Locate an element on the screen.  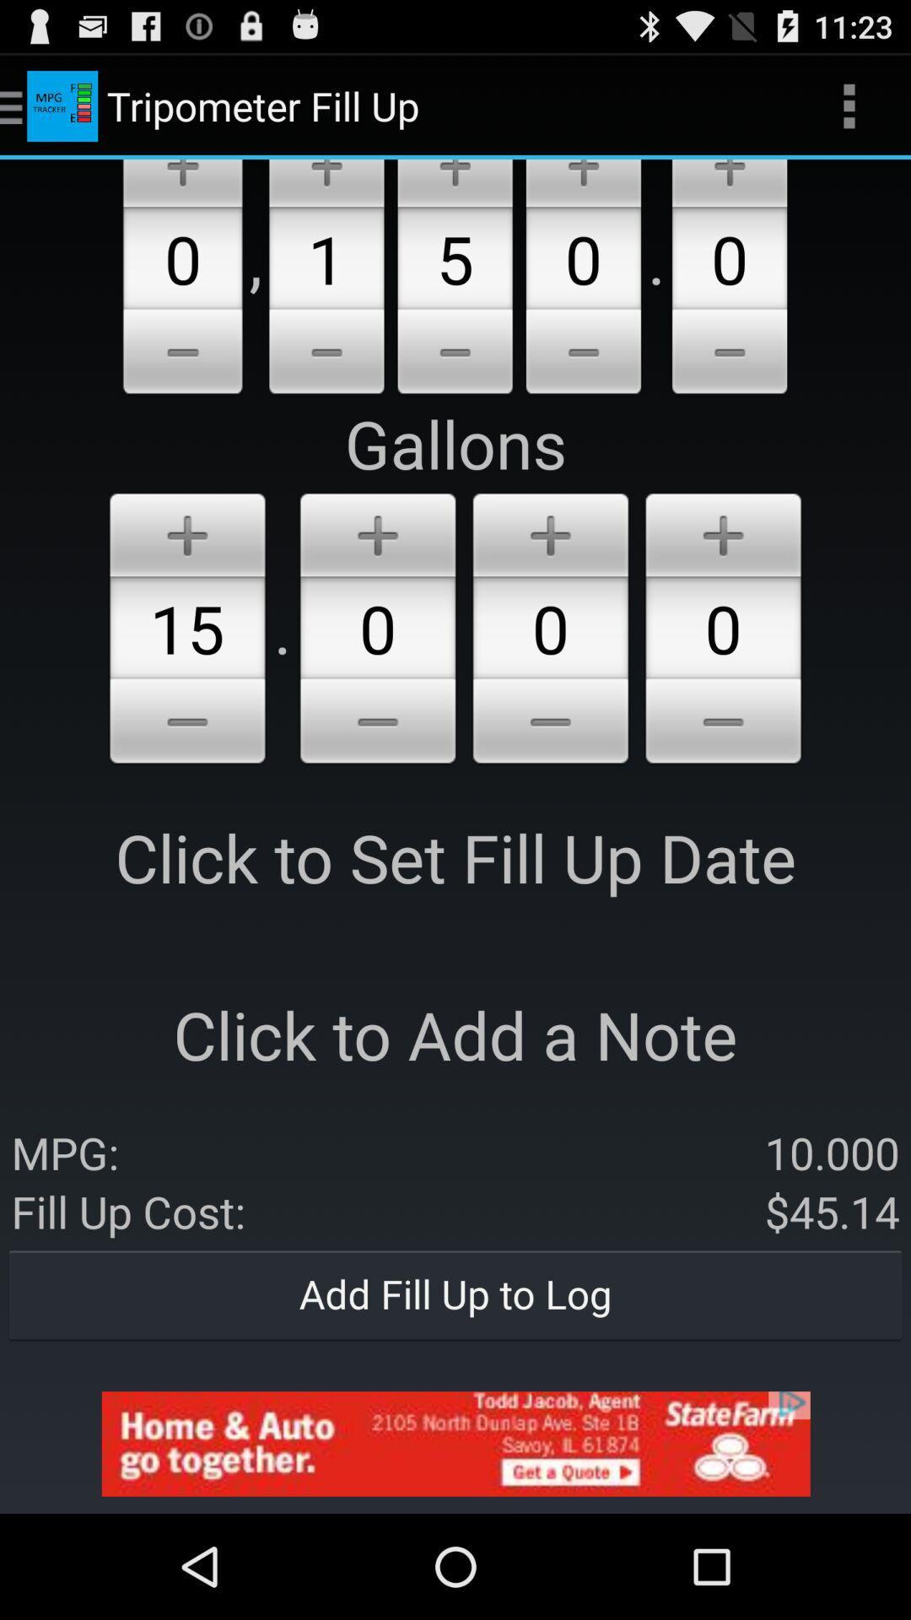
increase option is located at coordinates (326, 183).